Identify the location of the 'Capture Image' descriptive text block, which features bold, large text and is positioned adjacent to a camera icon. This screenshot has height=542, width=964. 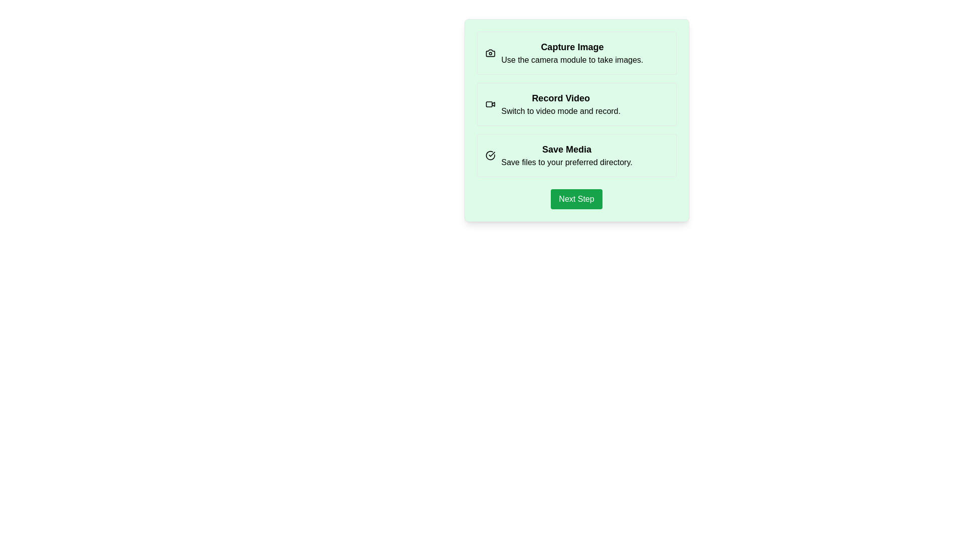
(572, 53).